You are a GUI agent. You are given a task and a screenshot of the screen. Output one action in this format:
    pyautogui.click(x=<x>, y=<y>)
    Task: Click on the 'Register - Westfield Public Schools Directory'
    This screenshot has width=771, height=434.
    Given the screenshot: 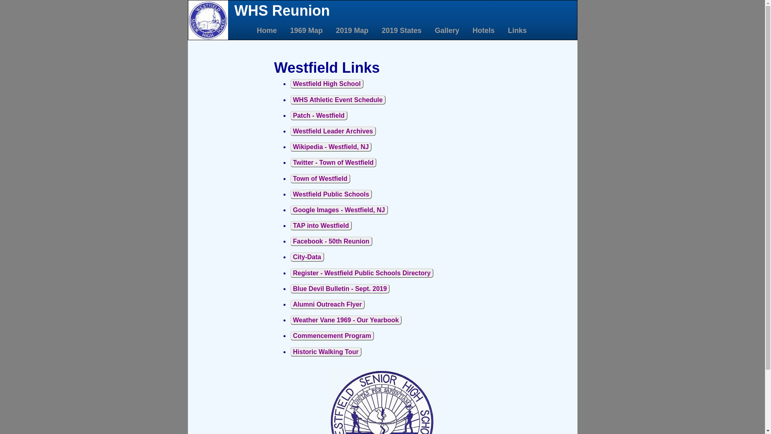 What is the action you would take?
    pyautogui.click(x=361, y=272)
    